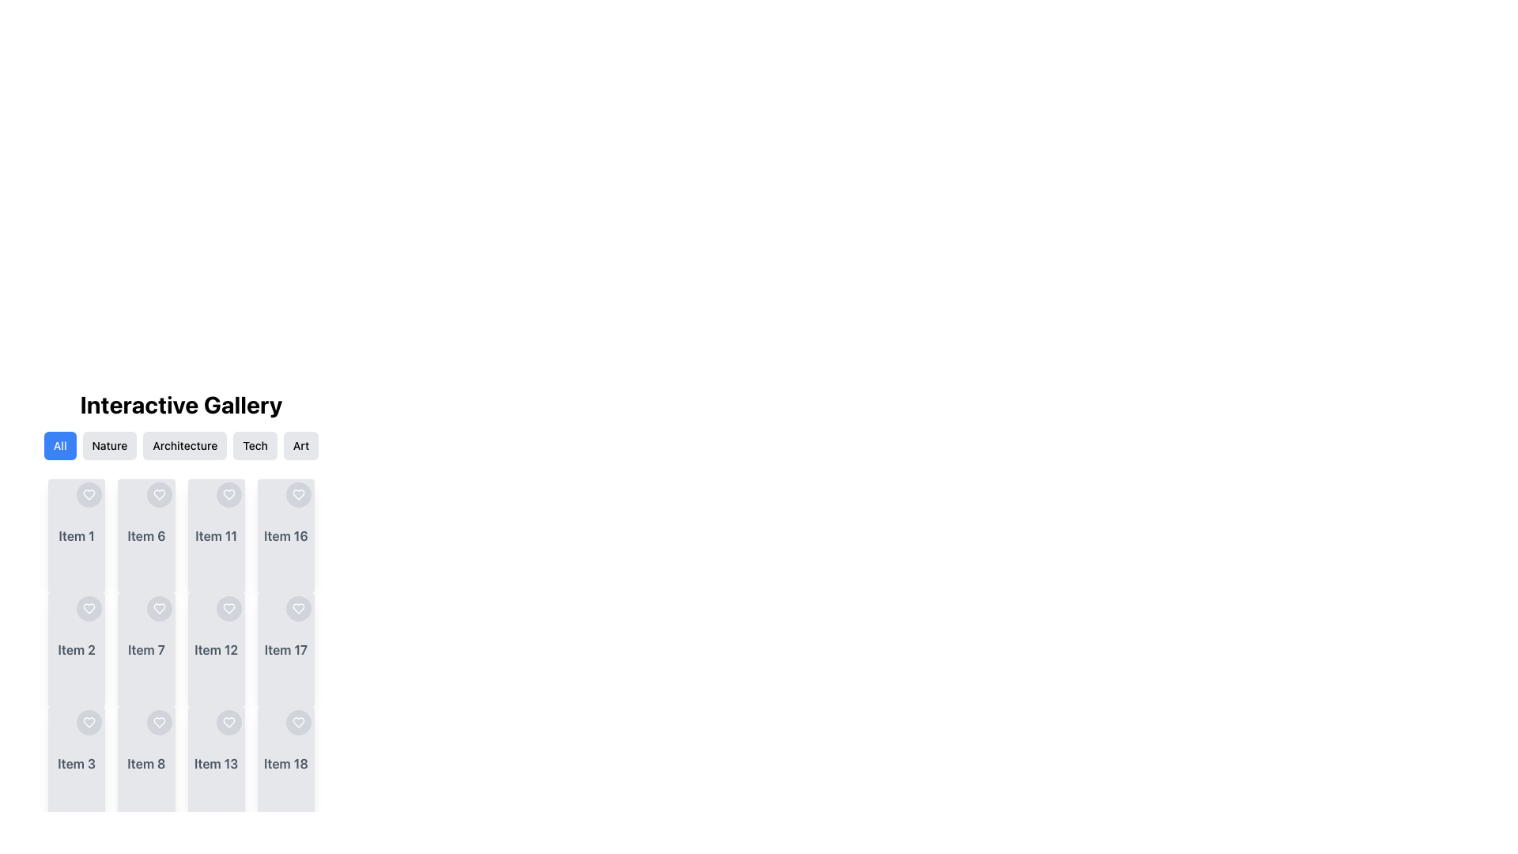  I want to click on the heart icon button located in the top-right corner of the 'Item 16' card in the fourth column of the gallery, so click(299, 493).